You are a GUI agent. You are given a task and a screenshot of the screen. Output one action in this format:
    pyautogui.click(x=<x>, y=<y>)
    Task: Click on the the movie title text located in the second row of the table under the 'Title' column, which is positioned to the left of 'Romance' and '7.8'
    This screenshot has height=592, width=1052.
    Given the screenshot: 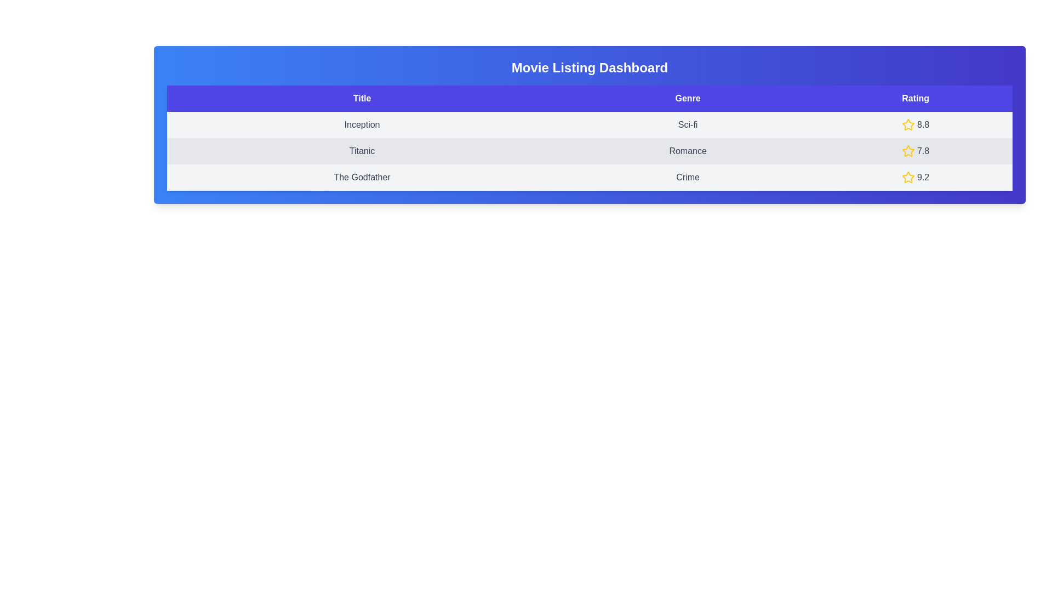 What is the action you would take?
    pyautogui.click(x=362, y=151)
    